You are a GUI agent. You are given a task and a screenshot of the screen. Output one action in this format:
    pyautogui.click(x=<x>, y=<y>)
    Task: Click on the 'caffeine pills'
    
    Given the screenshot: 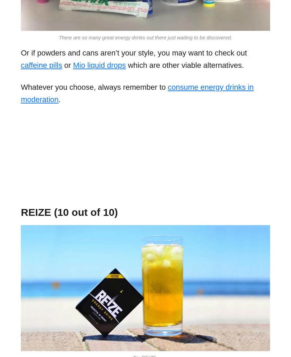 What is the action you would take?
    pyautogui.click(x=41, y=65)
    